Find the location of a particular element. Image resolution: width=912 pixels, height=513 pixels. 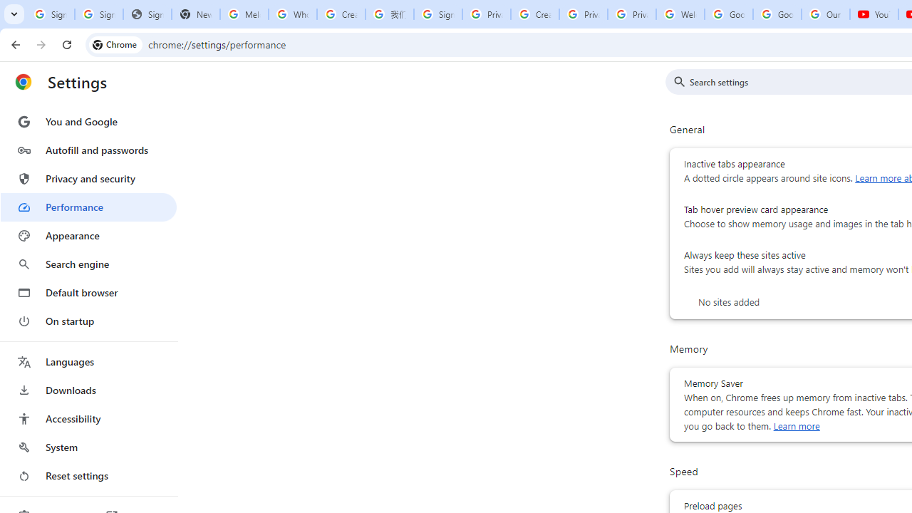

'Downloads' is located at coordinates (88, 390).